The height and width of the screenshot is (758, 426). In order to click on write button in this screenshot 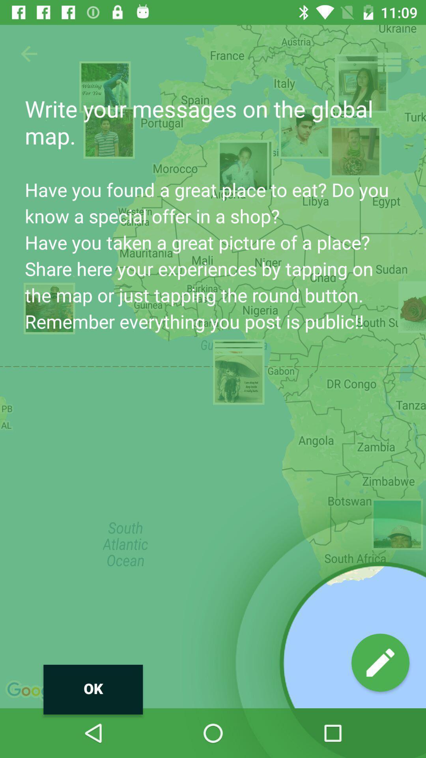, I will do `click(380, 662)`.